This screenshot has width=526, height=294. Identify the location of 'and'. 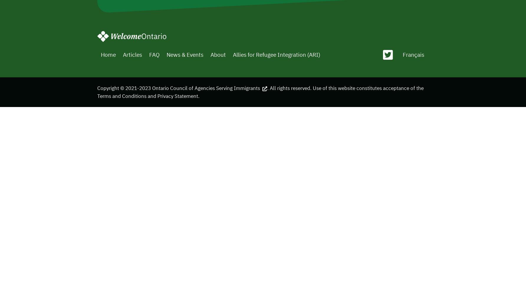
(146, 95).